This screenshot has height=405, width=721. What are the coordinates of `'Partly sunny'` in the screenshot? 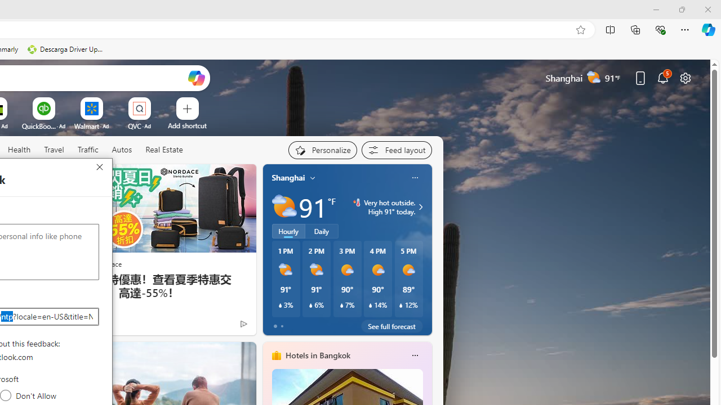 It's located at (284, 207).